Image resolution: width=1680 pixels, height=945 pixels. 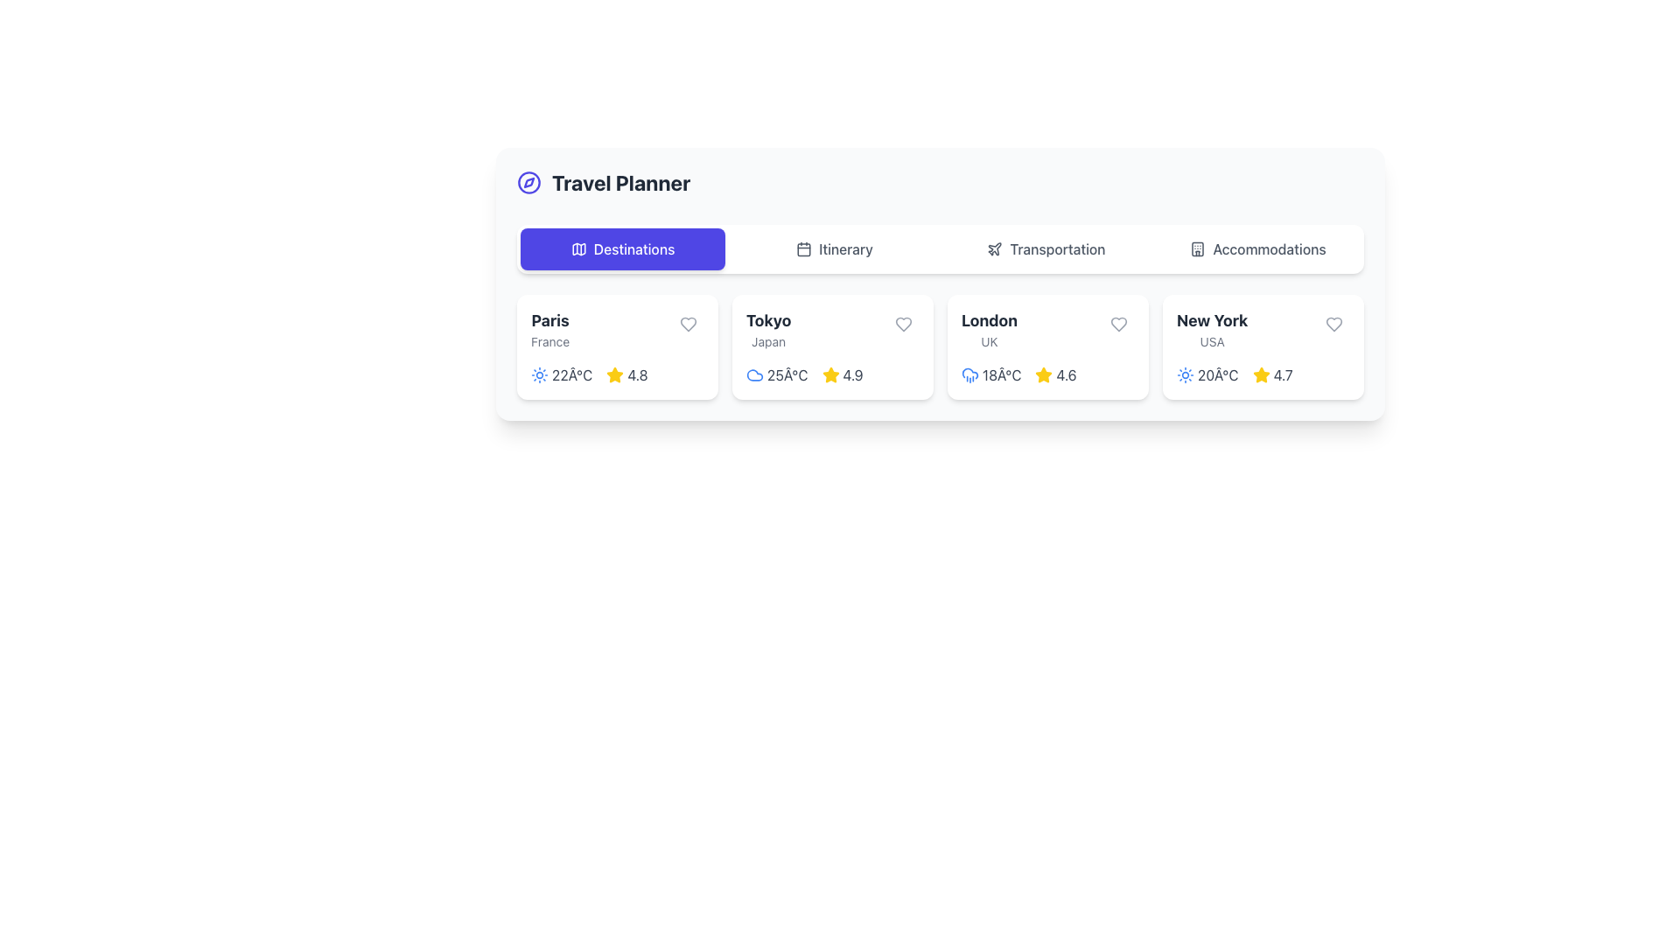 What do you see at coordinates (539, 374) in the screenshot?
I see `the weather indicator icon located within the Paris card` at bounding box center [539, 374].